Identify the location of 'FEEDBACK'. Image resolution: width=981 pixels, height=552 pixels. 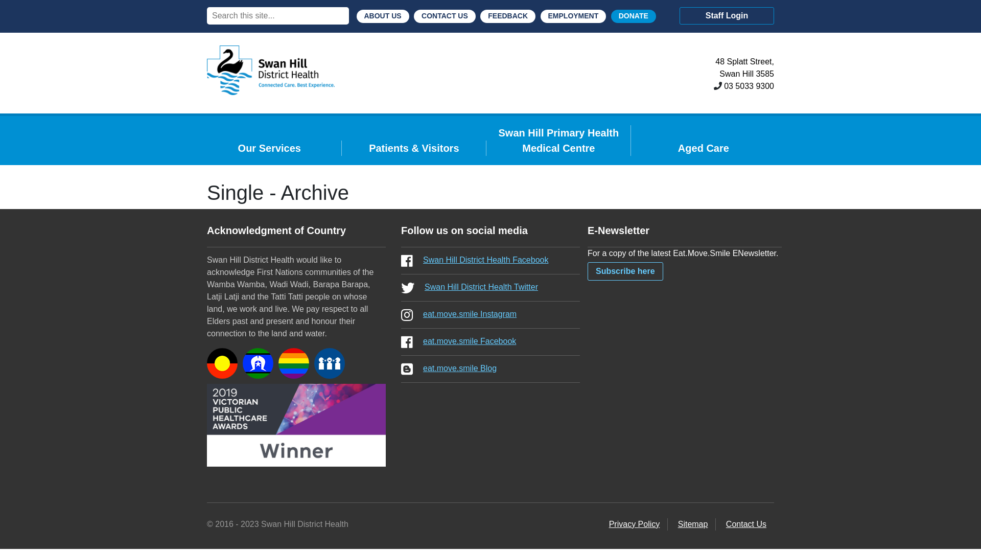
(507, 16).